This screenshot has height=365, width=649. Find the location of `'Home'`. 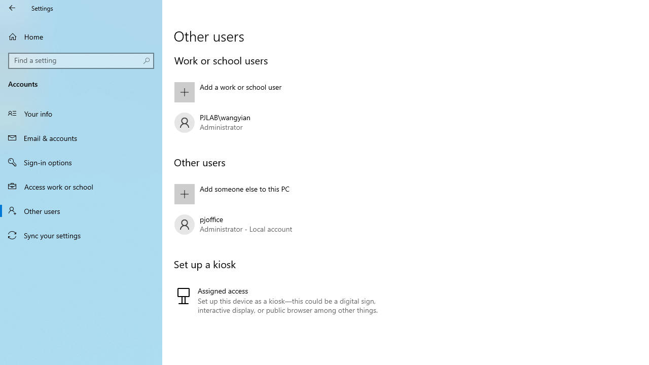

'Home' is located at coordinates (81, 36).